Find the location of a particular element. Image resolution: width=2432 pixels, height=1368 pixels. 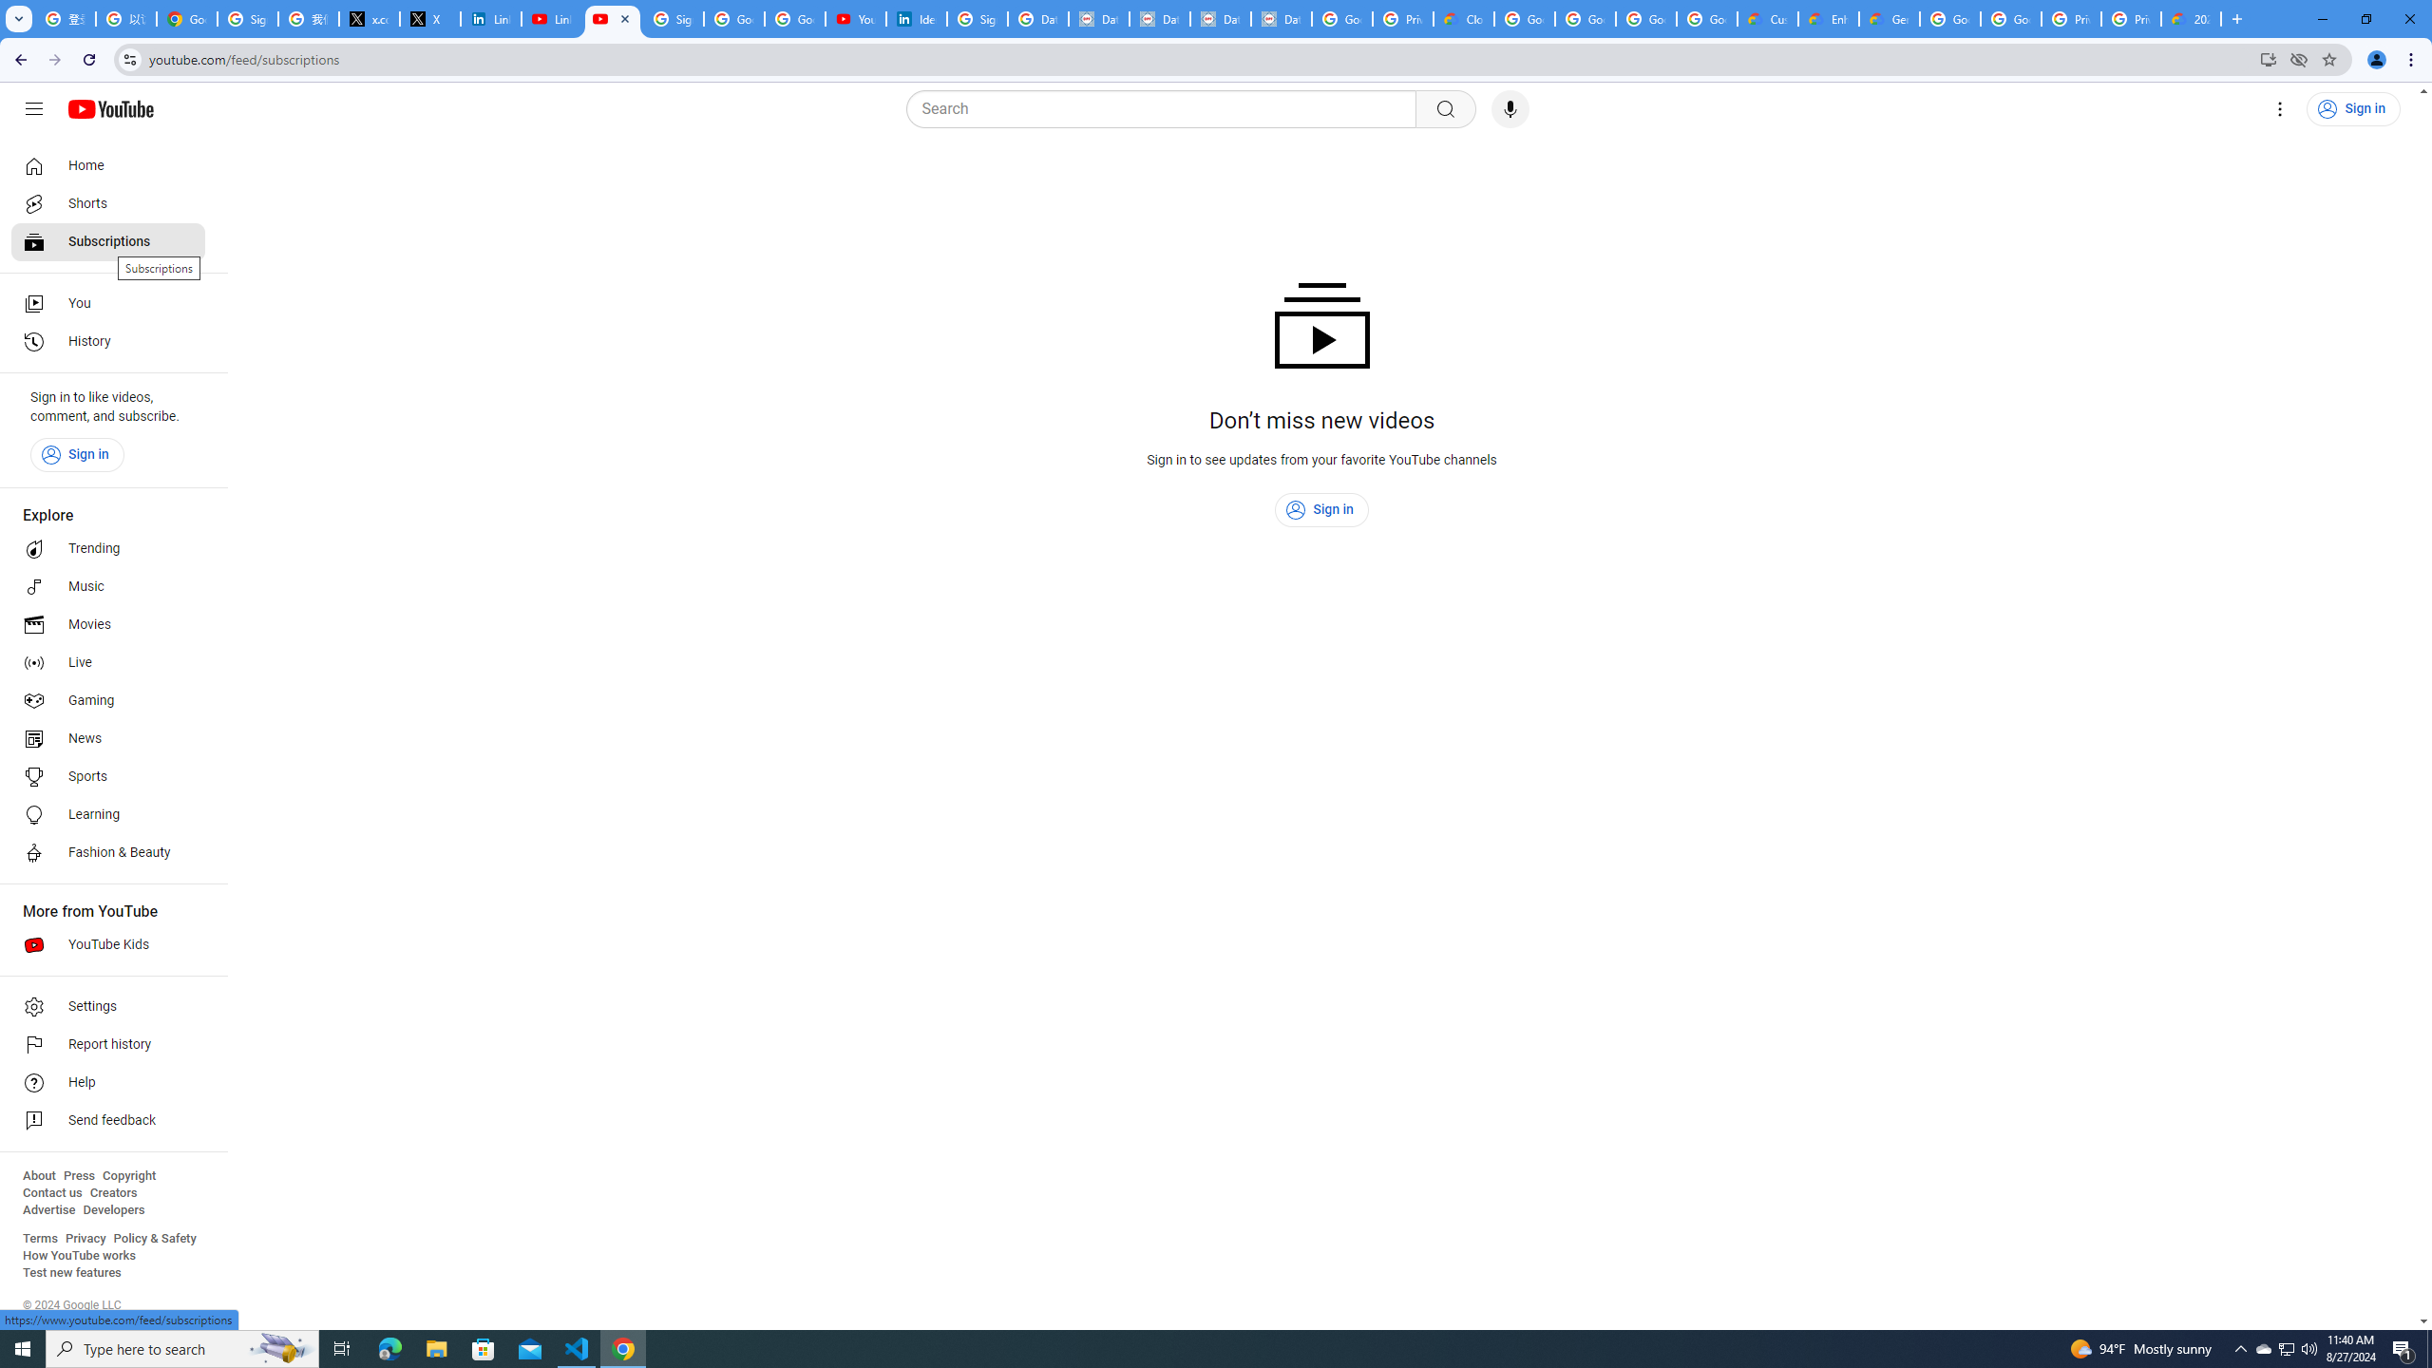

'LinkedIn Privacy Policy' is located at coordinates (491, 18).